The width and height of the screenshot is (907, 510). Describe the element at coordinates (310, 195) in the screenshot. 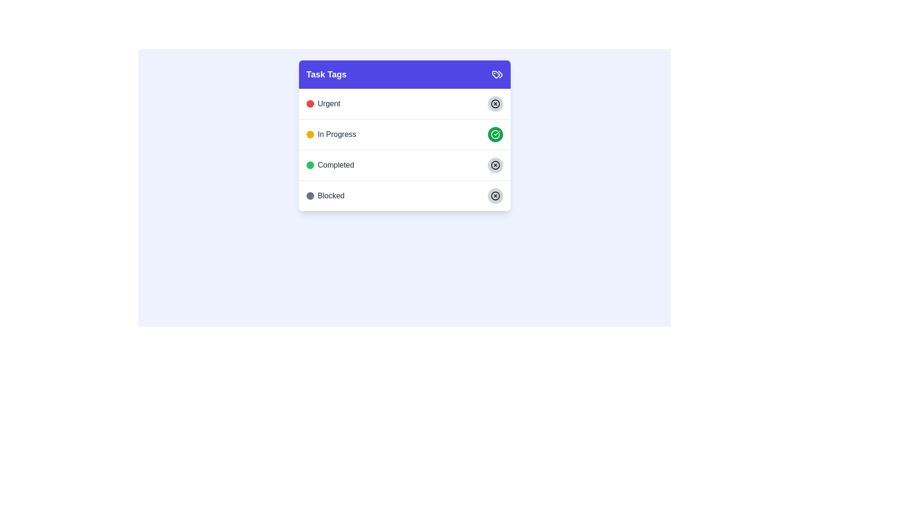

I see `the circular indicator located to the left of the text 'Blocked' in the lower-most row of the list` at that location.